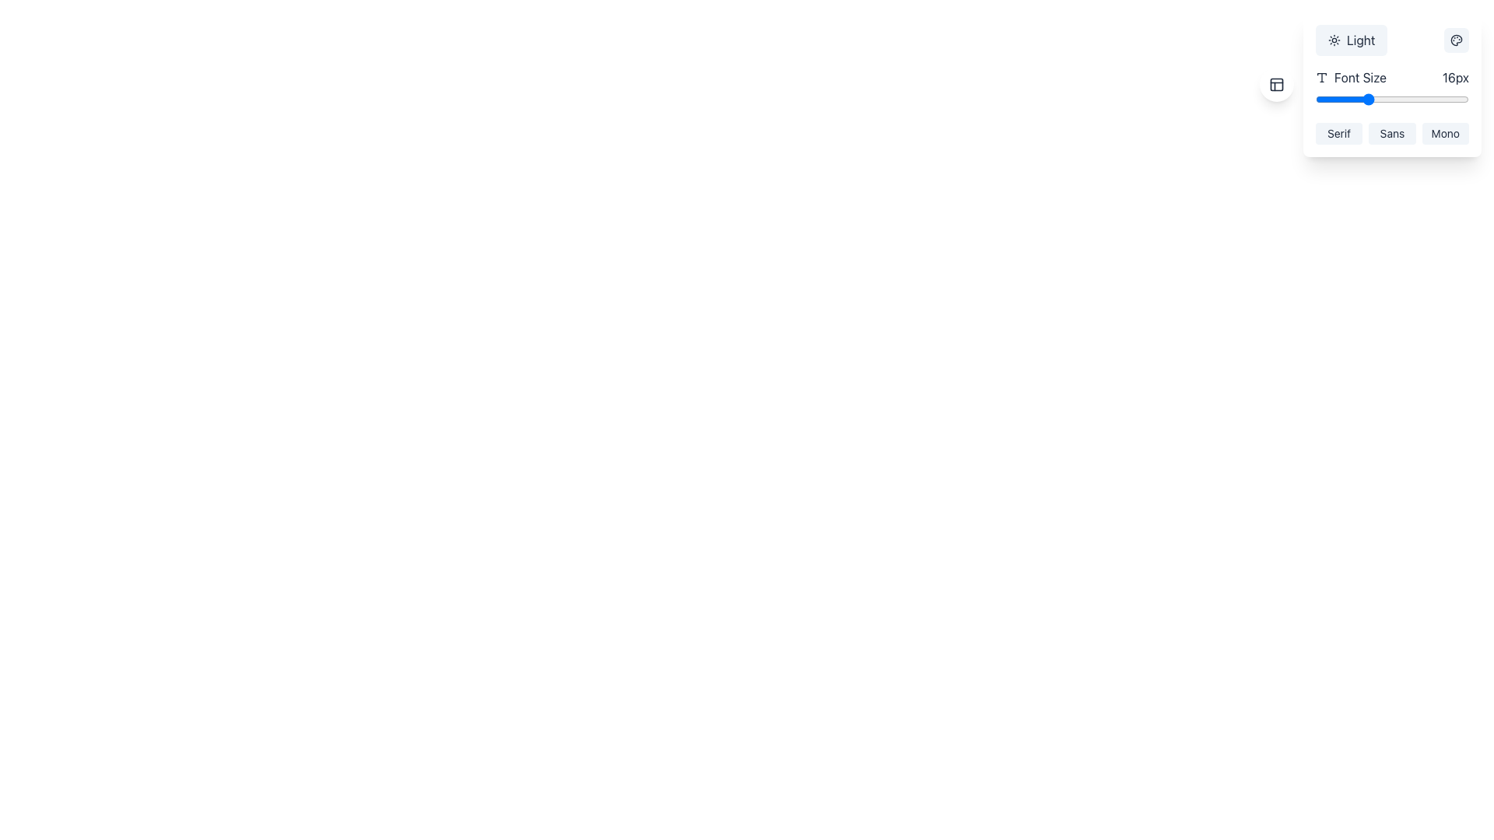 Image resolution: width=1494 pixels, height=840 pixels. What do you see at coordinates (1392, 133) in the screenshot?
I see `the second button in the row of font style options` at bounding box center [1392, 133].